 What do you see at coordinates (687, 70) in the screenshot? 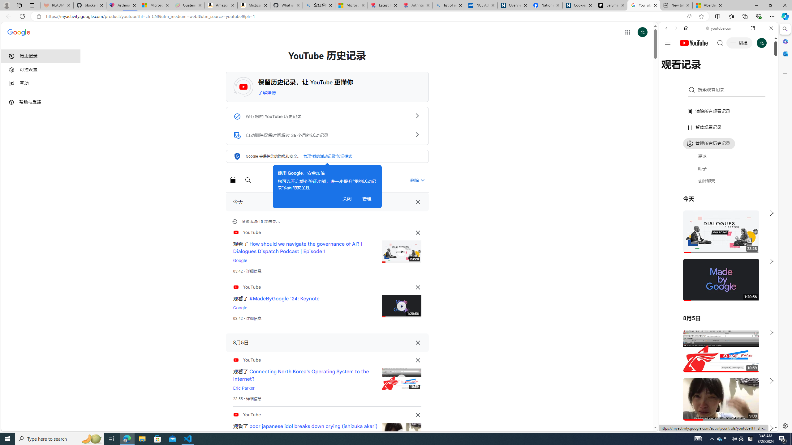
I see `'Search Filter, IMAGES'` at bounding box center [687, 70].